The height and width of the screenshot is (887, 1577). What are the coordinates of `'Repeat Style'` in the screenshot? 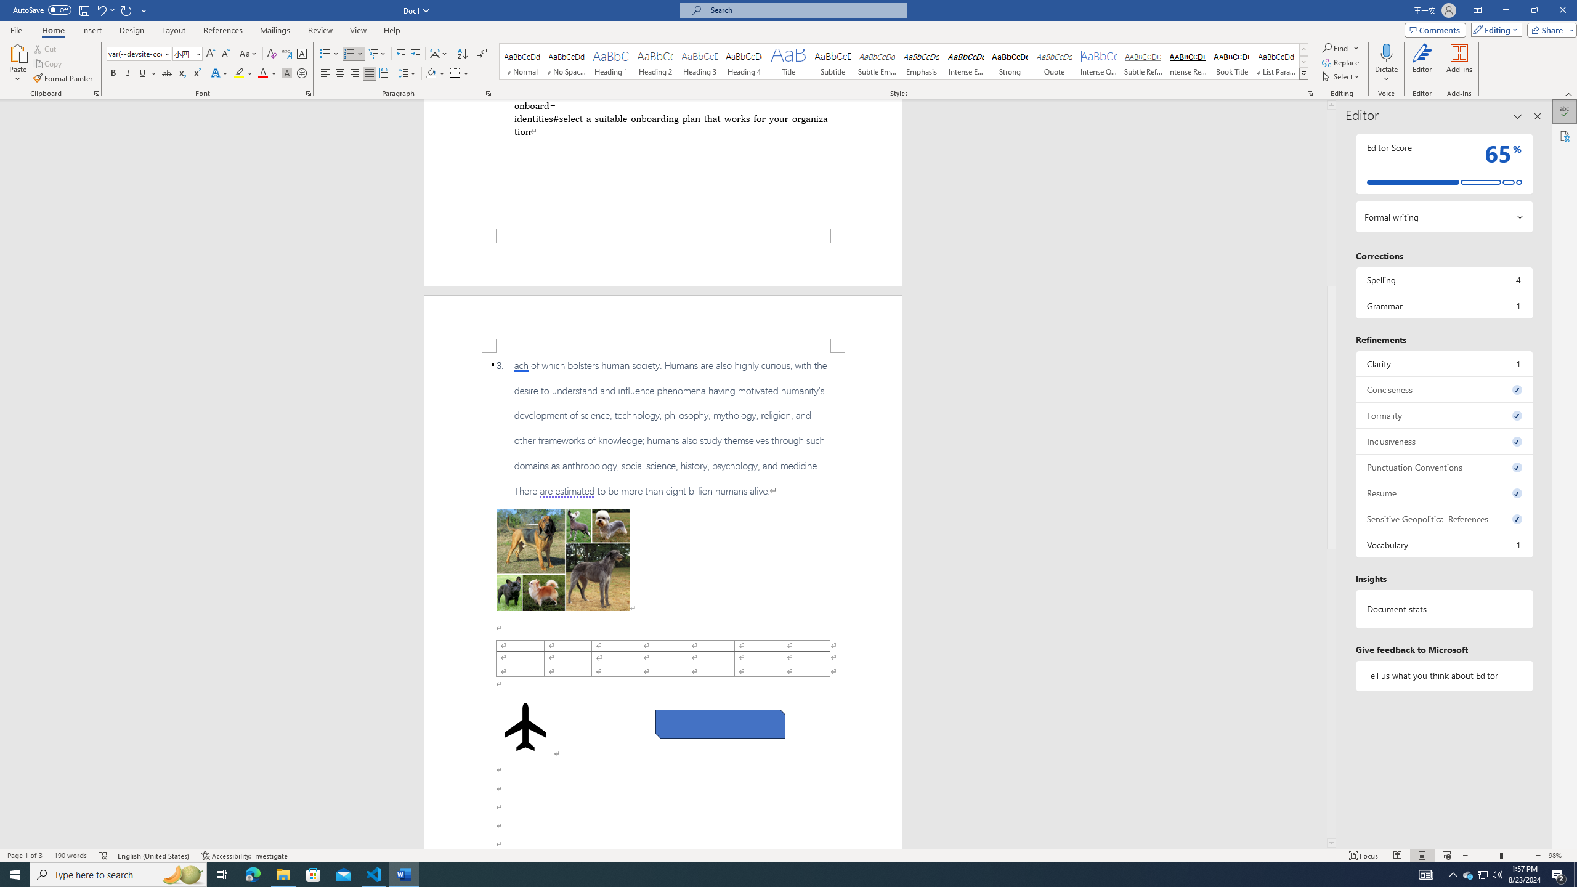 It's located at (126, 9).